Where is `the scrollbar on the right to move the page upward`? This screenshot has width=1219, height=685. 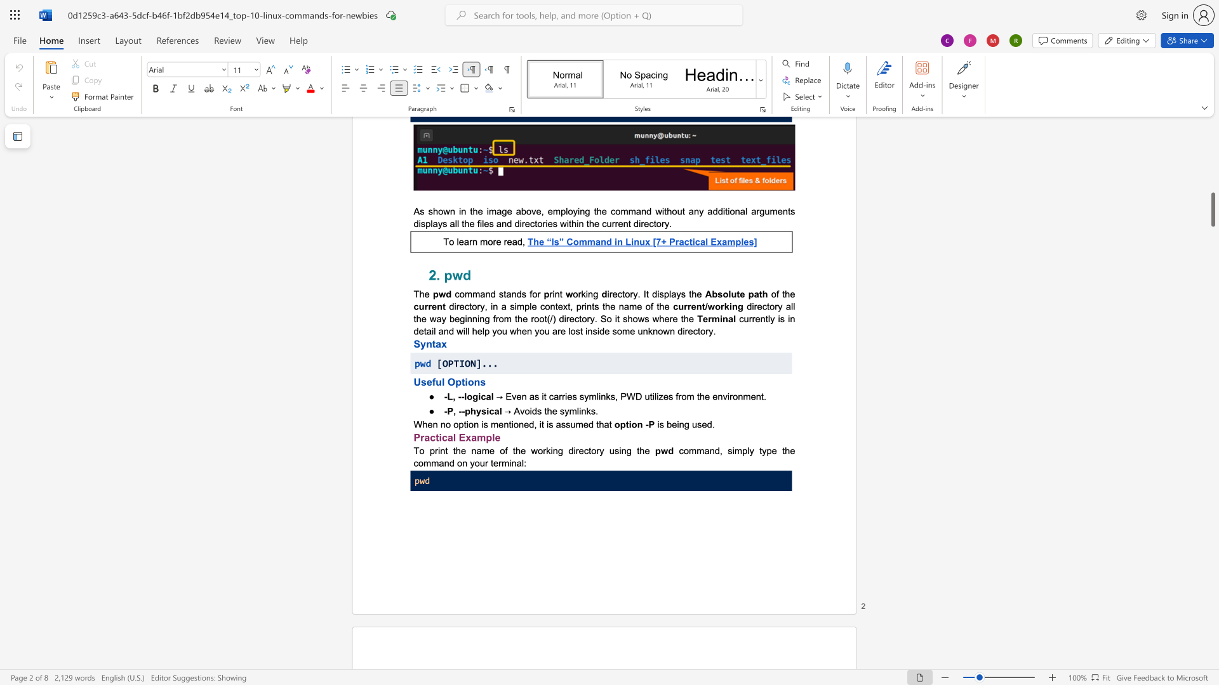
the scrollbar on the right to move the page upward is located at coordinates (1212, 335).